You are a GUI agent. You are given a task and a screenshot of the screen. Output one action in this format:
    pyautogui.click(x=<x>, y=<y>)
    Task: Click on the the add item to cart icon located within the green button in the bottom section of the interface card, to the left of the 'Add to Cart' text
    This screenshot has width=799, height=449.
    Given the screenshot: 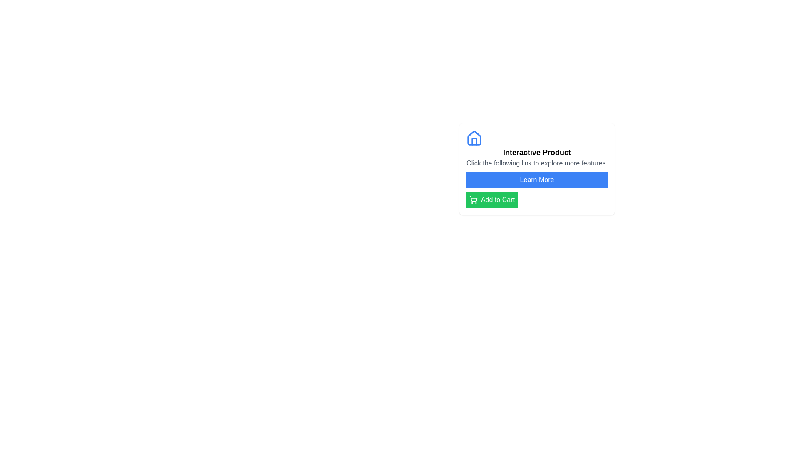 What is the action you would take?
    pyautogui.click(x=473, y=200)
    